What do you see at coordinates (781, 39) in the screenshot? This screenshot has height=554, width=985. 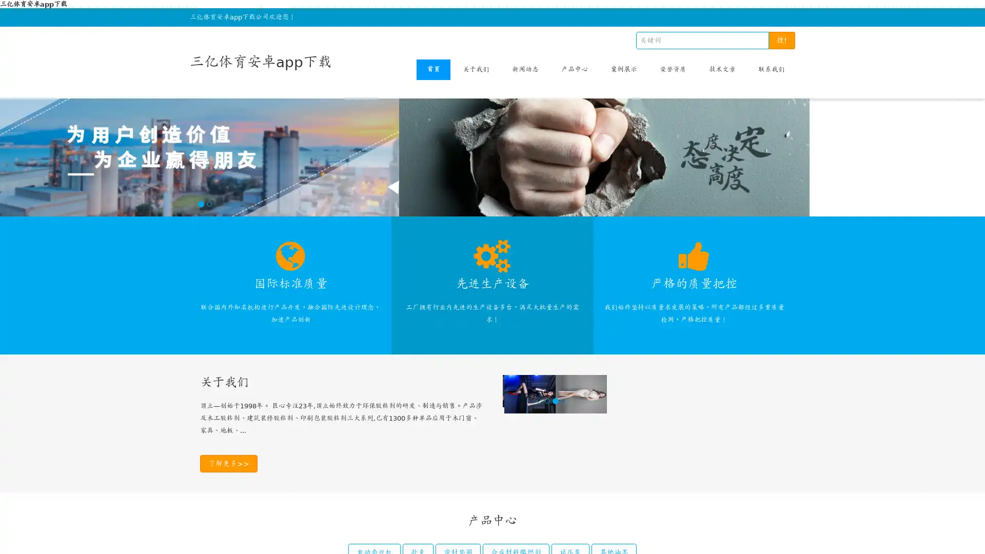 I see `!` at bounding box center [781, 39].